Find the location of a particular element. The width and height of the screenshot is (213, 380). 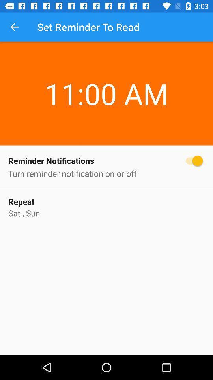

item above reminder notifications icon is located at coordinates (14, 27).